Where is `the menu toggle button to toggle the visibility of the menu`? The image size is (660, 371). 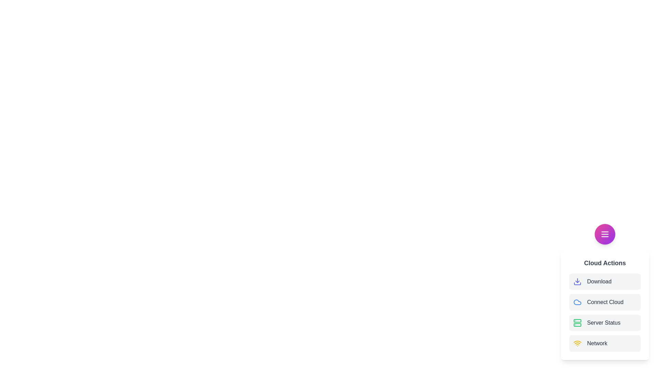
the menu toggle button to toggle the visibility of the menu is located at coordinates (605, 234).